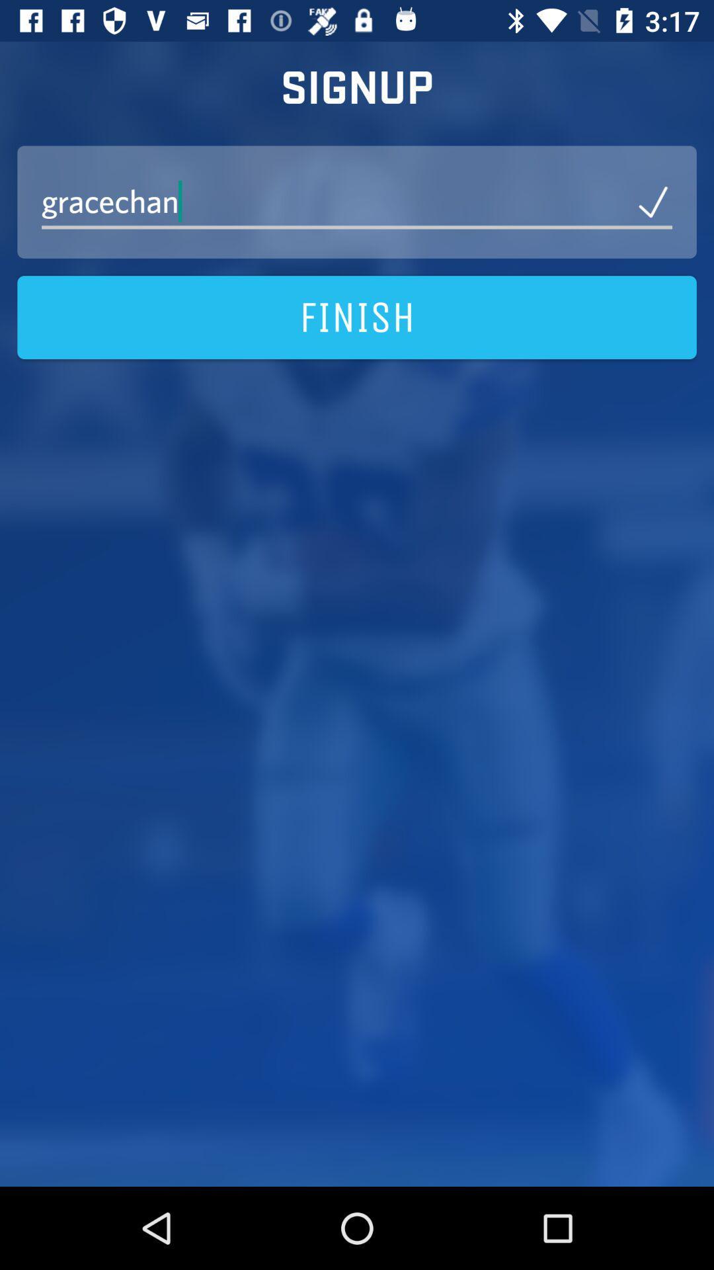 This screenshot has width=714, height=1270. What do you see at coordinates (357, 201) in the screenshot?
I see `the gracechan icon` at bounding box center [357, 201].